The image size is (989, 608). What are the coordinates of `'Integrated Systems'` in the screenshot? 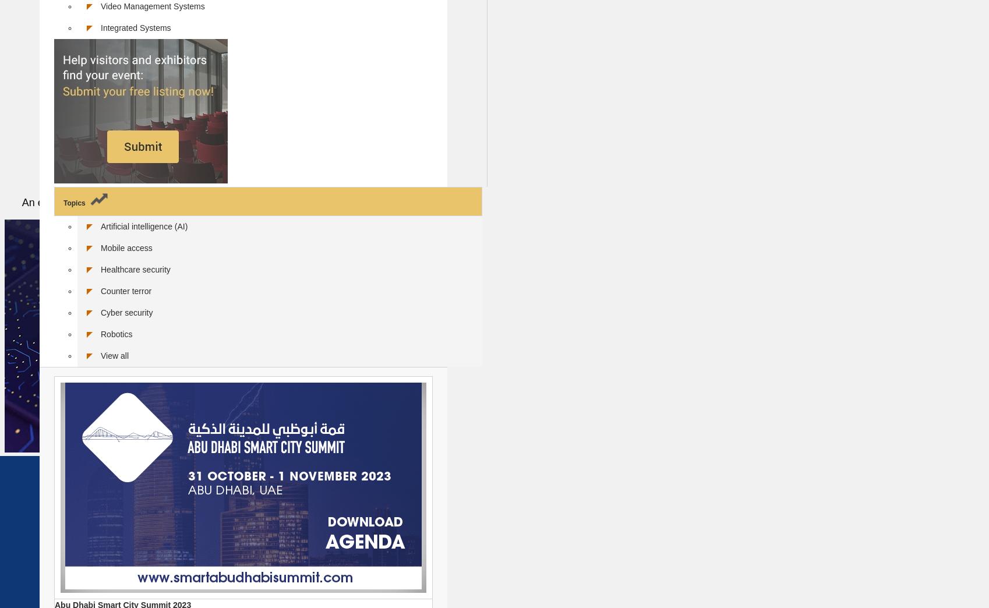 It's located at (135, 26).